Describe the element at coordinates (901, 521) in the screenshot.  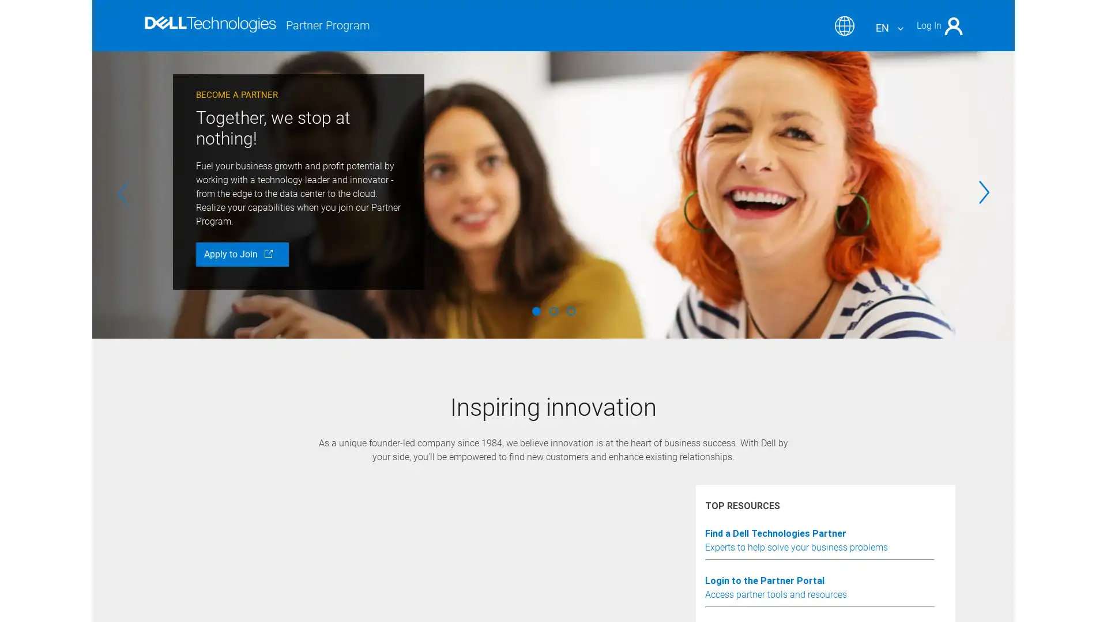
I see `Fullscreen` at that location.